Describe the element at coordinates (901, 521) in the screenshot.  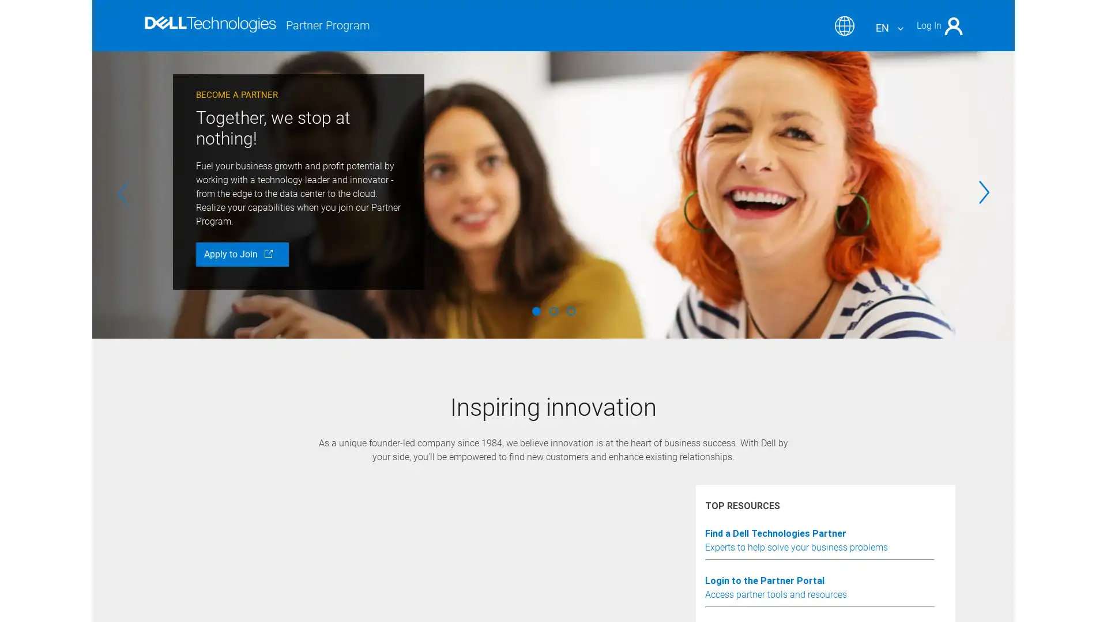
I see `Fullscreen` at that location.